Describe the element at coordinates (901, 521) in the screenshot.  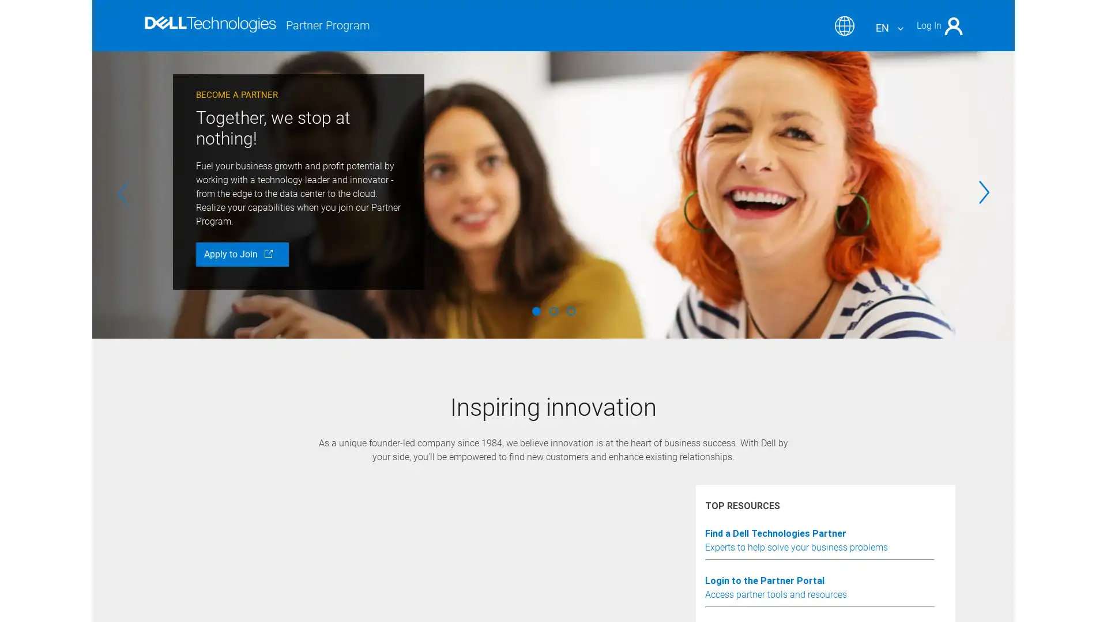
I see `Fullscreen` at that location.